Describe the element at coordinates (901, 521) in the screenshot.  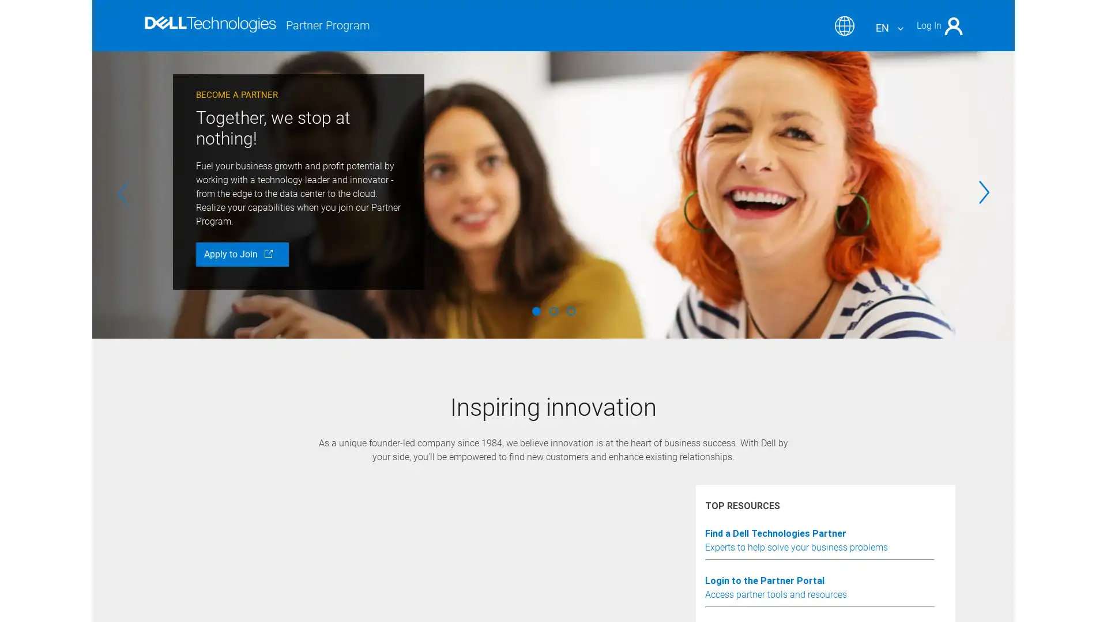
I see `Fullscreen` at that location.